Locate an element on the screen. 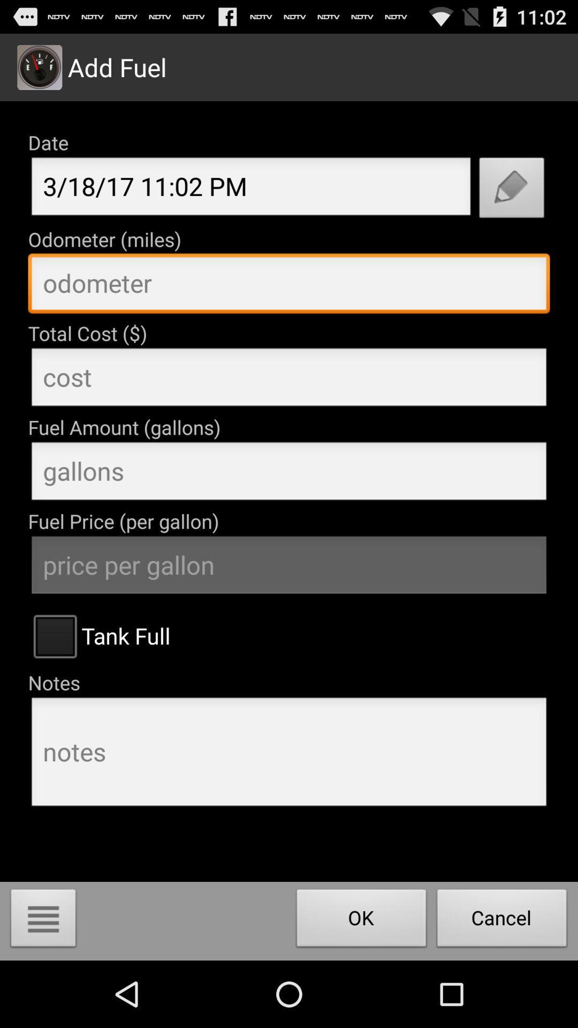  type is located at coordinates (289, 473).